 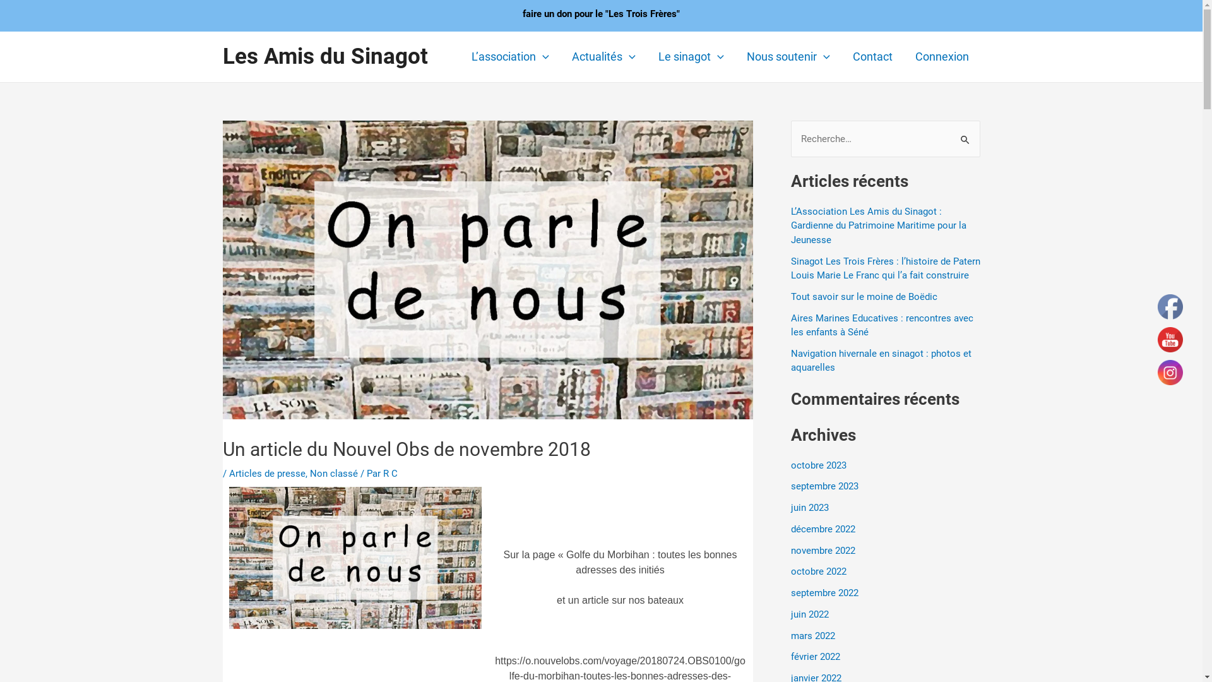 I want to click on 'YouTube', so click(x=1169, y=338).